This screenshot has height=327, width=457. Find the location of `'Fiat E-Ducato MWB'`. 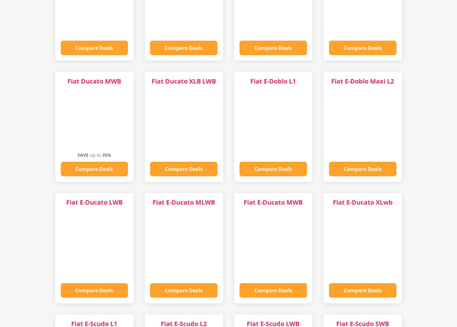

'Fiat E-Ducato MWB' is located at coordinates (273, 202).